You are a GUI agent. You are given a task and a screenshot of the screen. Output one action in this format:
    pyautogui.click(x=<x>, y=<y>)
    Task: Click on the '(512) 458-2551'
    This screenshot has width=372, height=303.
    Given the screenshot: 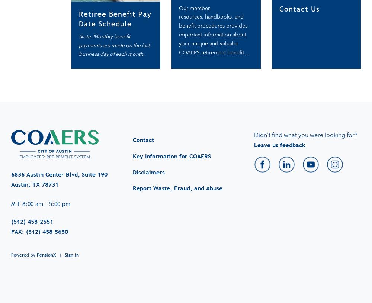 What is the action you would take?
    pyautogui.click(x=32, y=213)
    